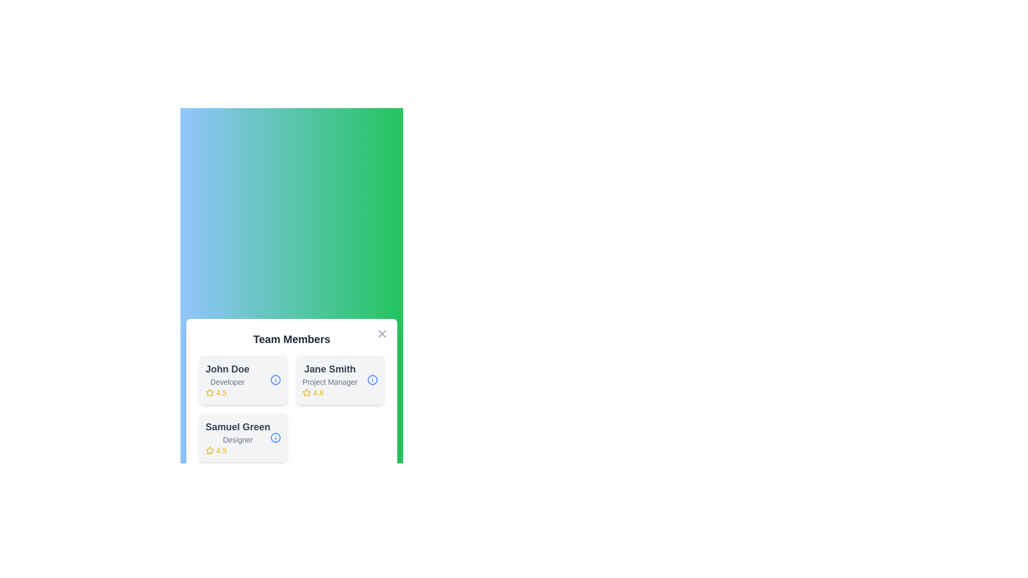  I want to click on the info button for Samuel Green to view their details, so click(275, 437).